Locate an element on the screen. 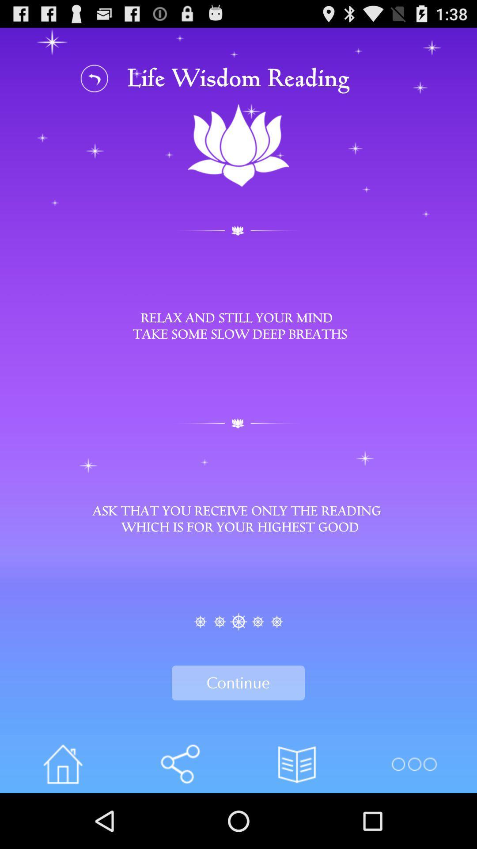  the icon left of share icon is located at coordinates (62, 764).